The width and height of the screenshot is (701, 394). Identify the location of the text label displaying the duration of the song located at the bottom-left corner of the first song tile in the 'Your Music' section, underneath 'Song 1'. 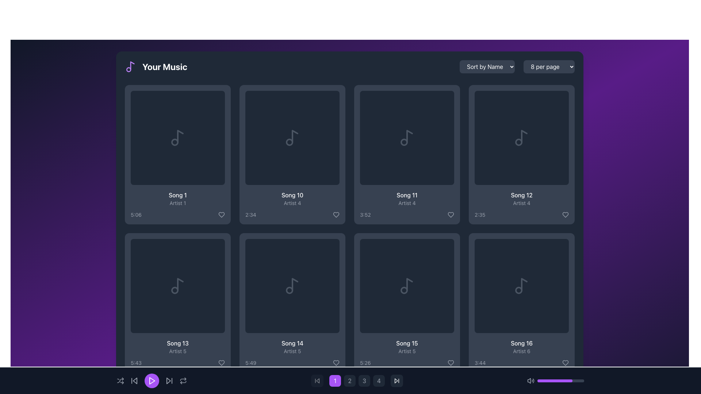
(136, 215).